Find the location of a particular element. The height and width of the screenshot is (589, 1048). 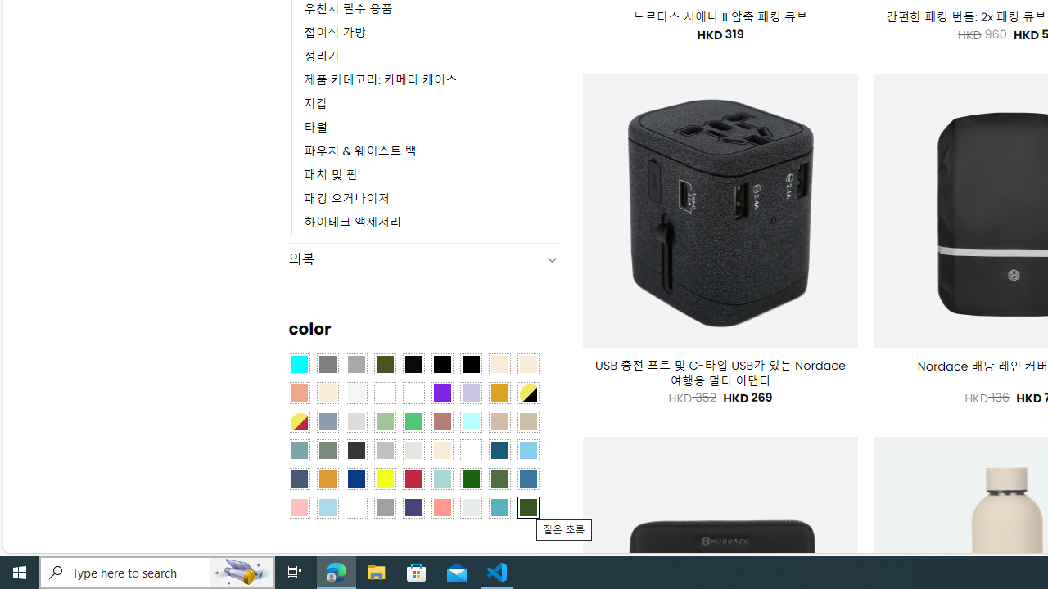

'Coral' is located at coordinates (298, 393).